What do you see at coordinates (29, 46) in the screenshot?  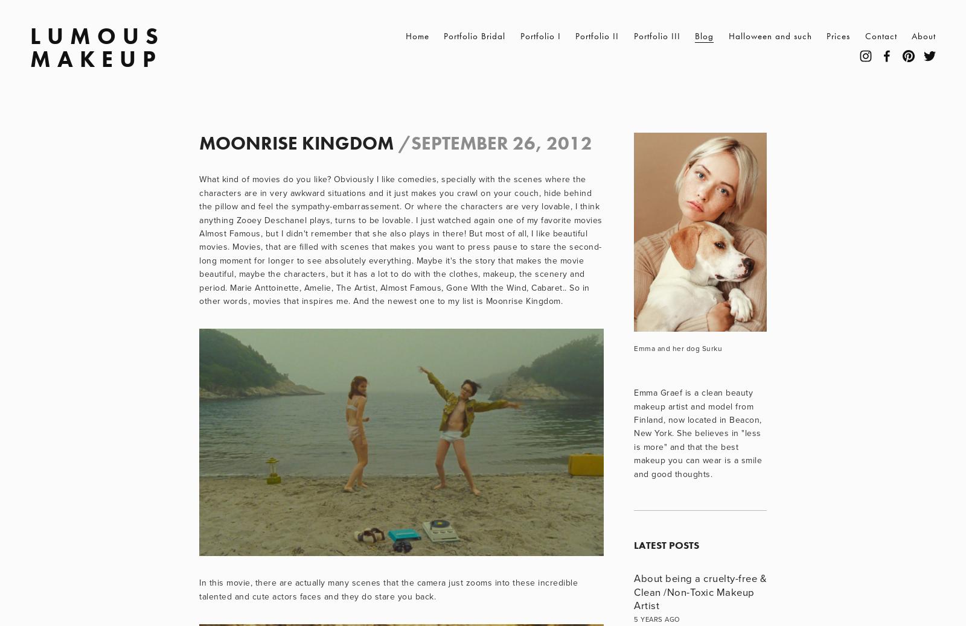 I see `'Lumous Makeup'` at bounding box center [29, 46].